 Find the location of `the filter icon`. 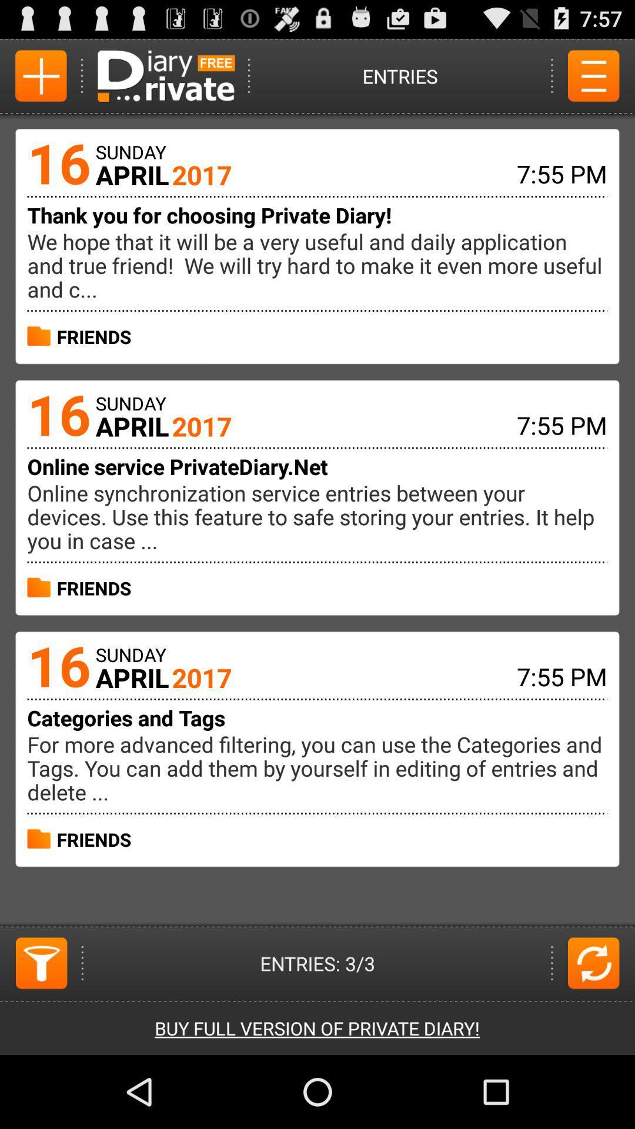

the filter icon is located at coordinates (41, 1030).